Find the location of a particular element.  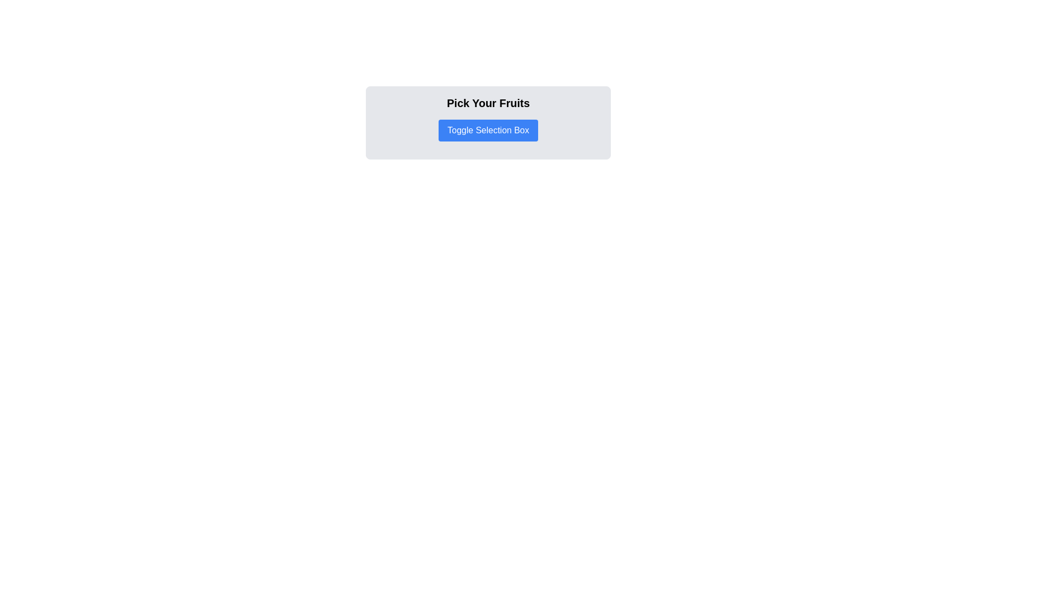

the Text Header element that serves as the title for the content section, positioned above the 'Toggle Selection Box' button is located at coordinates (487, 103).